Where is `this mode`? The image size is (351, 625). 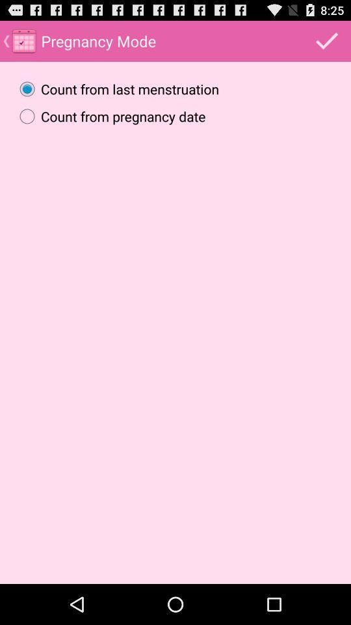 this mode is located at coordinates (326, 40).